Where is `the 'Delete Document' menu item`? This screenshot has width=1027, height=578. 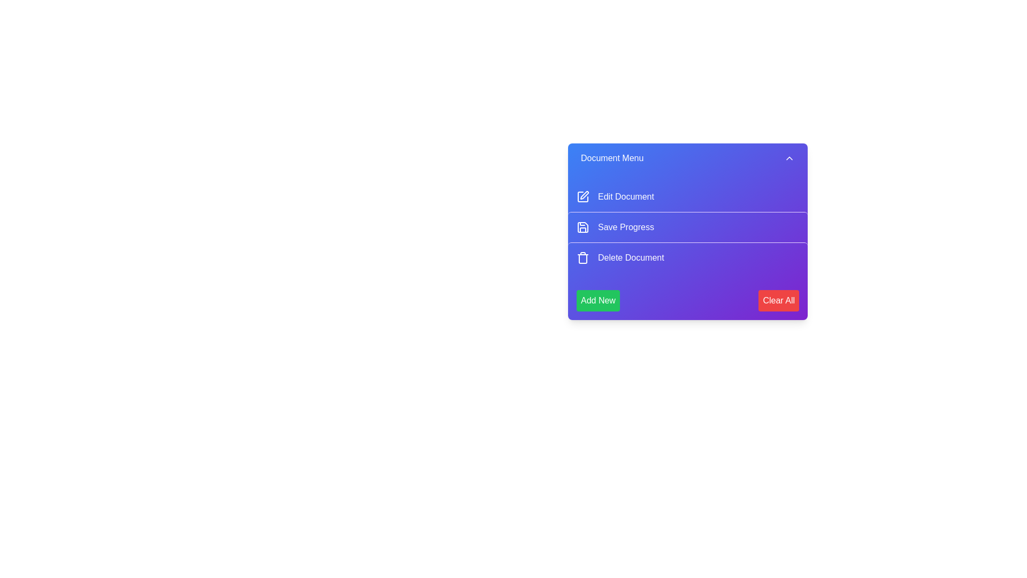
the 'Delete Document' menu item is located at coordinates (688, 257).